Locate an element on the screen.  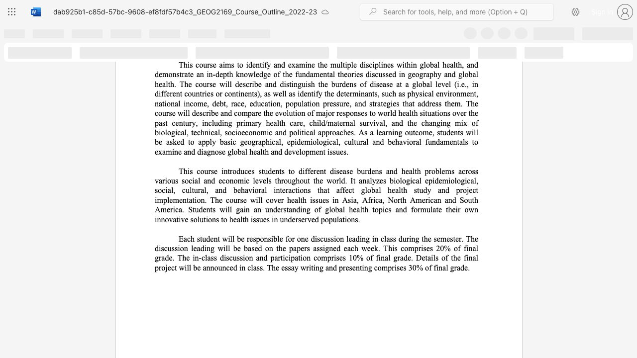
the 1th character "o" in the text is located at coordinates (407, 132).